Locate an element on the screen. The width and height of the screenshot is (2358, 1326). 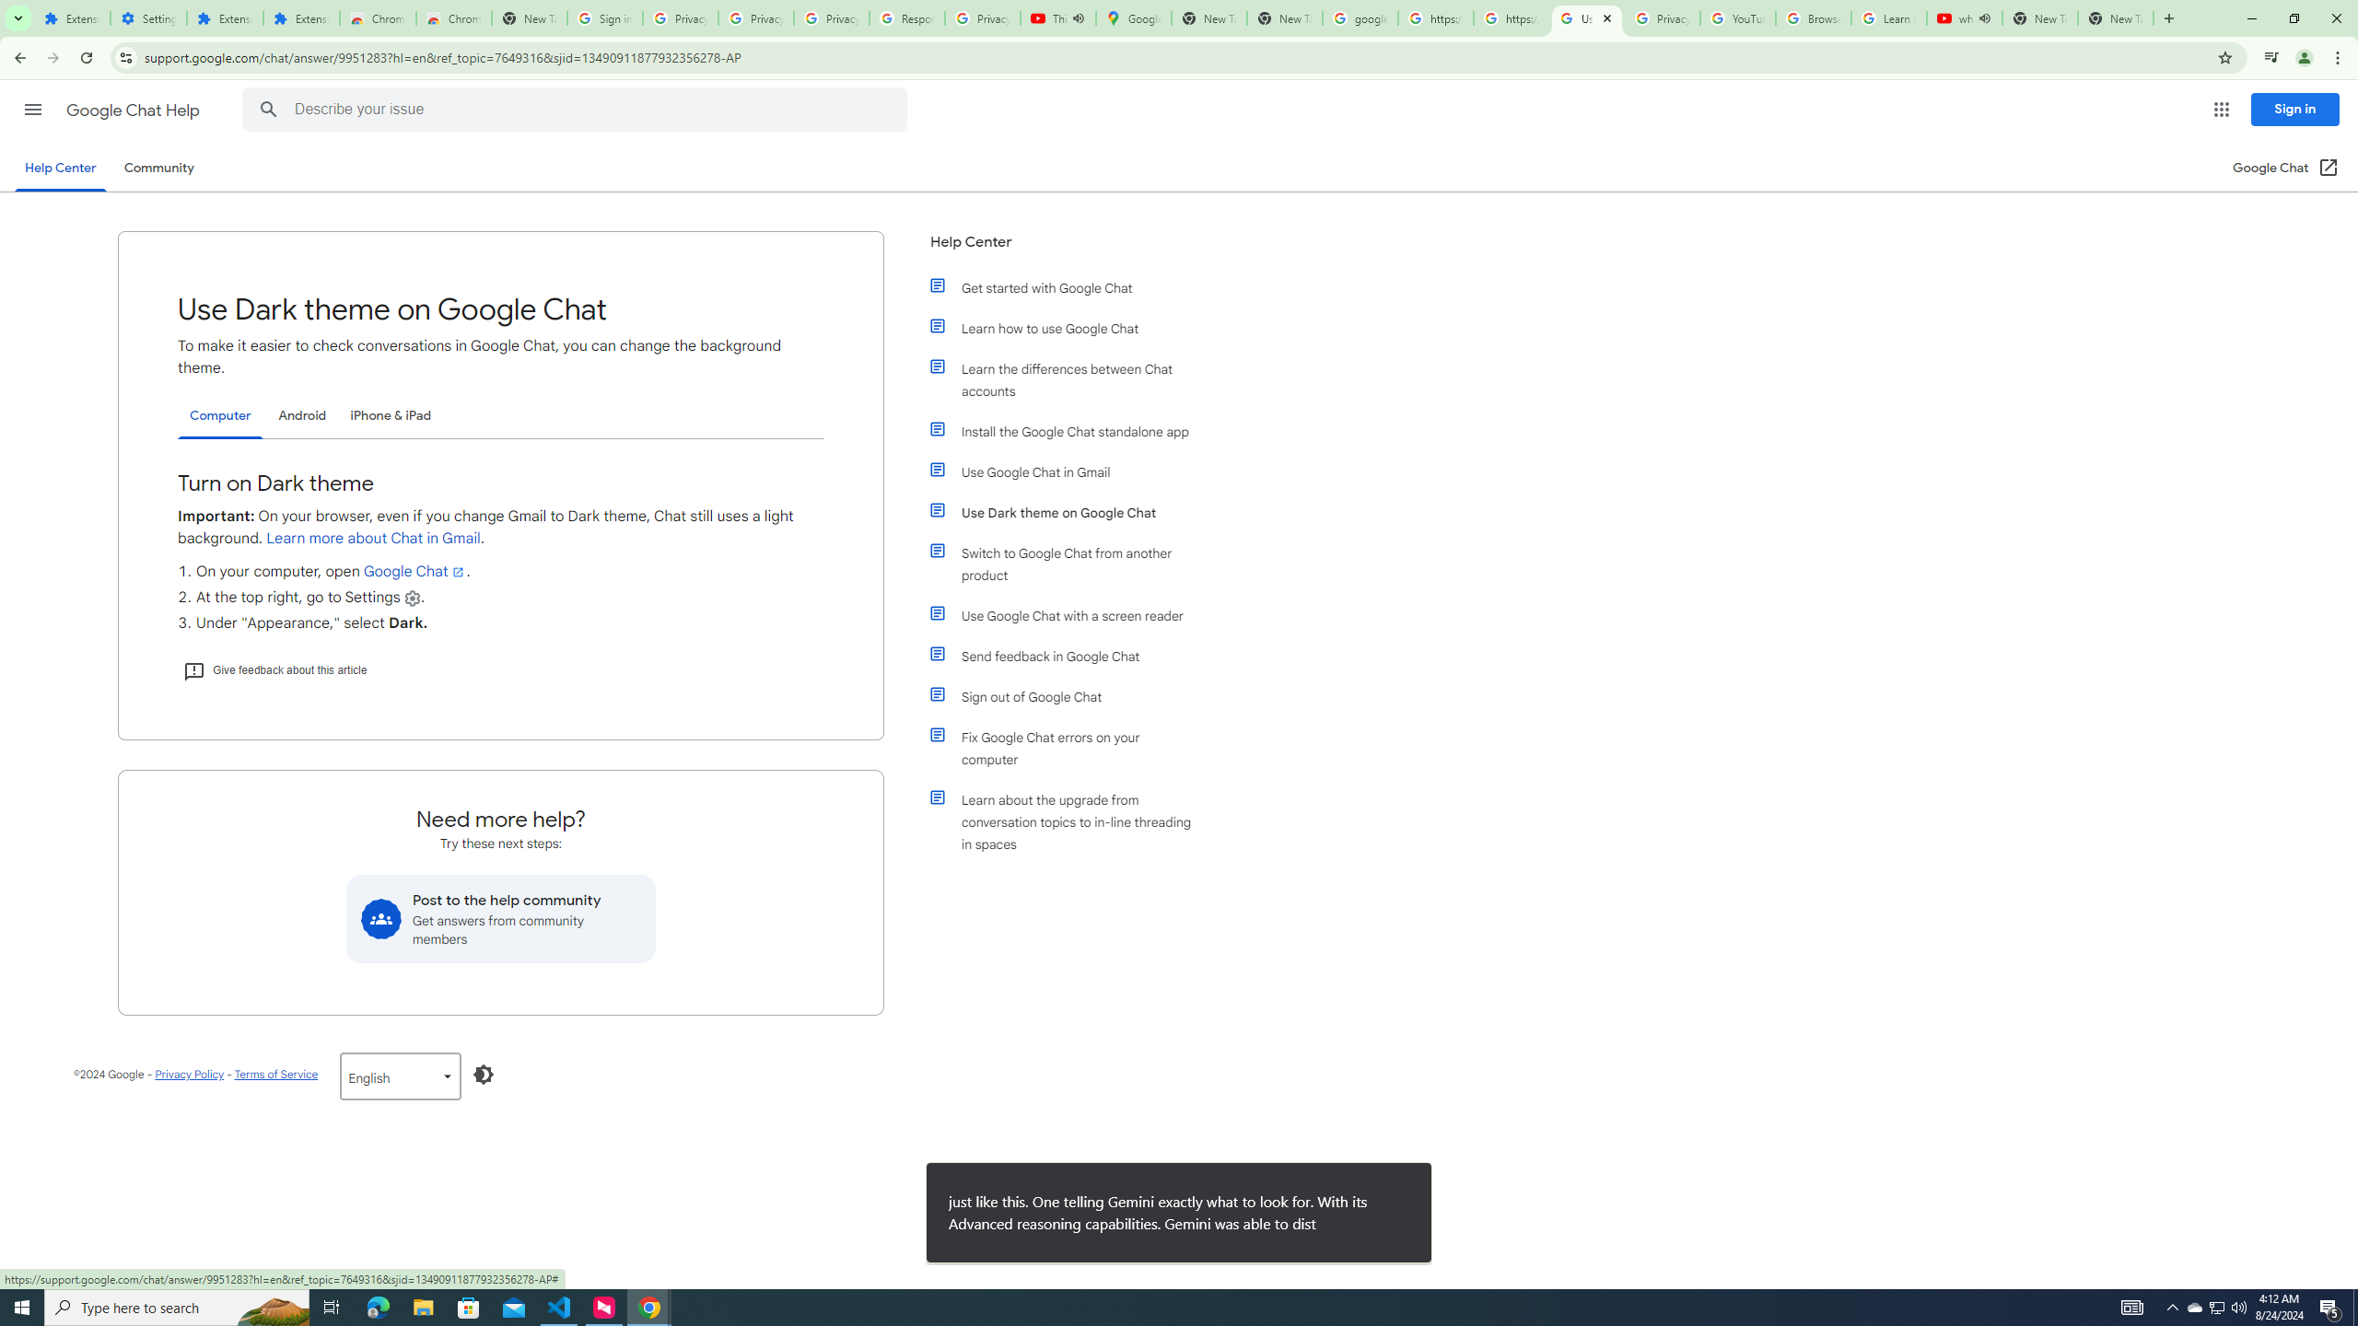
'Switch to Google Chat from another product' is located at coordinates (1070, 564).